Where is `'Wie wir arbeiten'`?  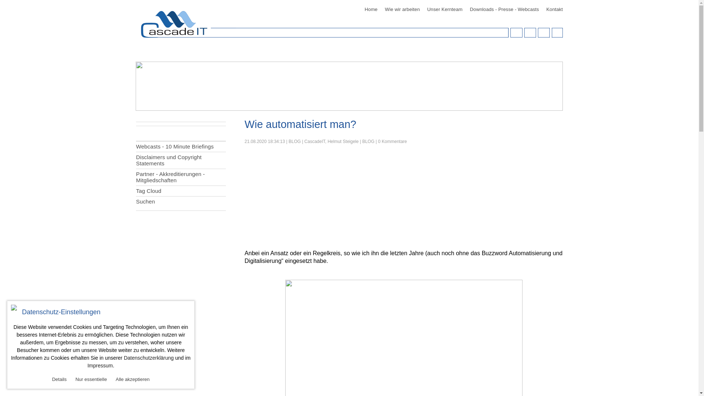 'Wie wir arbeiten' is located at coordinates (402, 10).